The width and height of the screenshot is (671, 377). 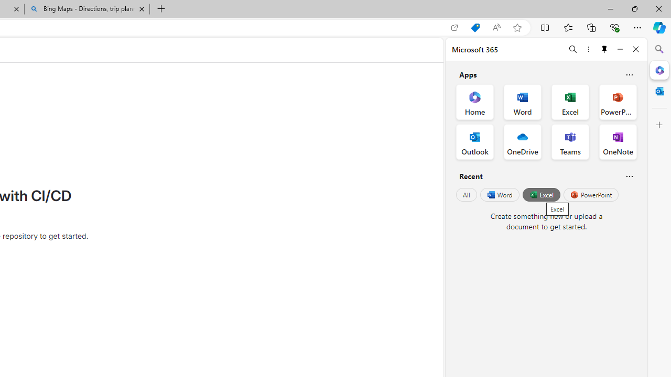 What do you see at coordinates (591, 195) in the screenshot?
I see `'PowerPoint'` at bounding box center [591, 195].